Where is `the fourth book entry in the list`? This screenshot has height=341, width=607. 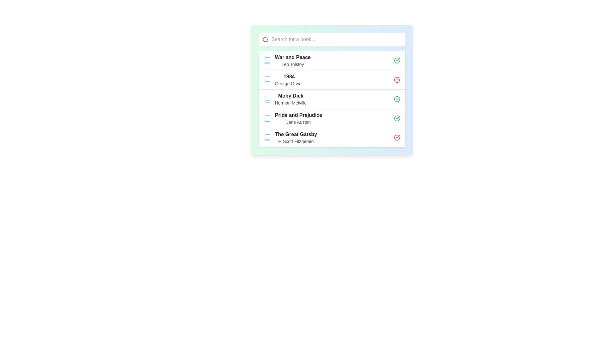 the fourth book entry in the list is located at coordinates (331, 118).